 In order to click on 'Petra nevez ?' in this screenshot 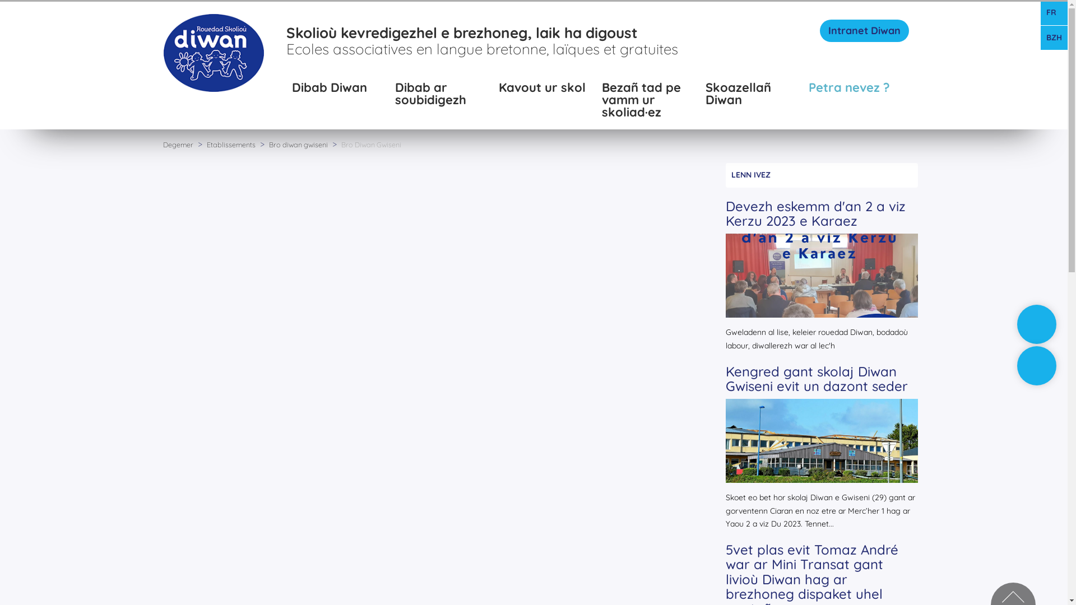, I will do `click(854, 94)`.